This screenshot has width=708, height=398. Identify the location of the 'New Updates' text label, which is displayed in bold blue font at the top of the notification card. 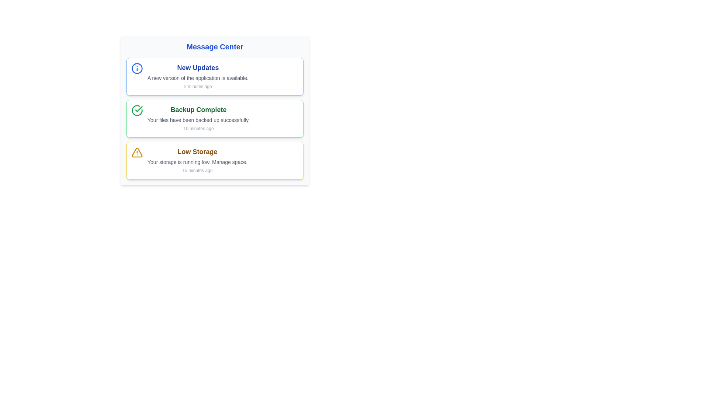
(198, 68).